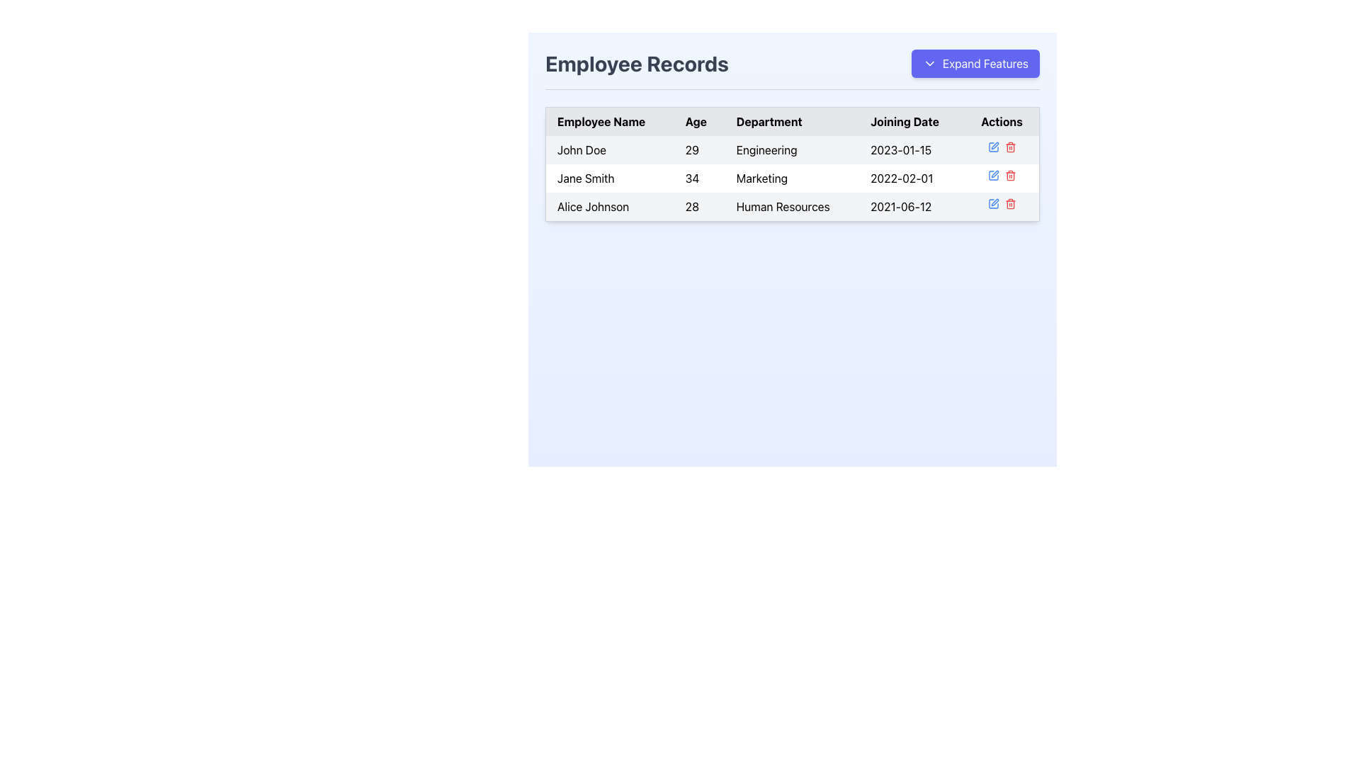 The height and width of the screenshot is (765, 1360). What do you see at coordinates (994, 202) in the screenshot?
I see `the pen tool icon in the 'Actions' column of Alice Johnson's row in the table` at bounding box center [994, 202].